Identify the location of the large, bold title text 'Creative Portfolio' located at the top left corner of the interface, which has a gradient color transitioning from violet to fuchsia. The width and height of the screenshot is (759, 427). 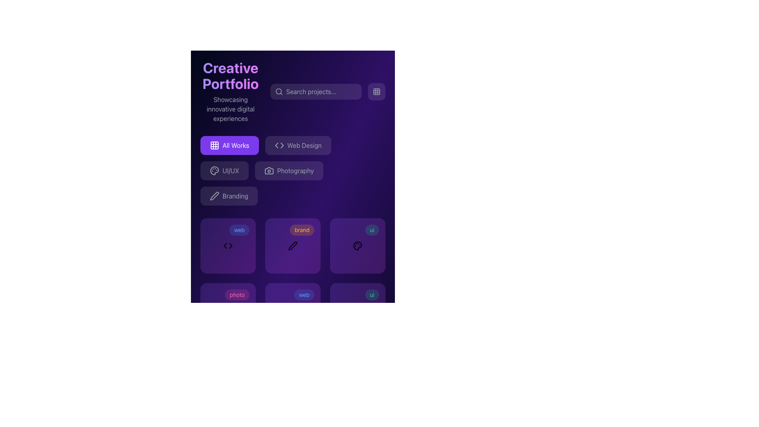
(230, 76).